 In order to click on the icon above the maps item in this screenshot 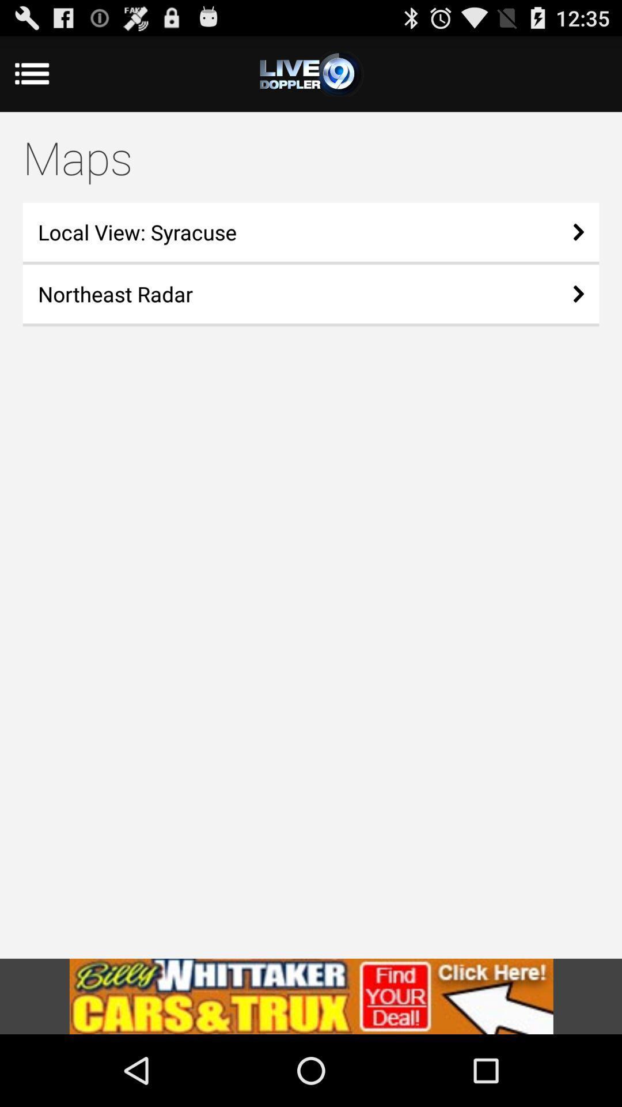, I will do `click(46, 73)`.